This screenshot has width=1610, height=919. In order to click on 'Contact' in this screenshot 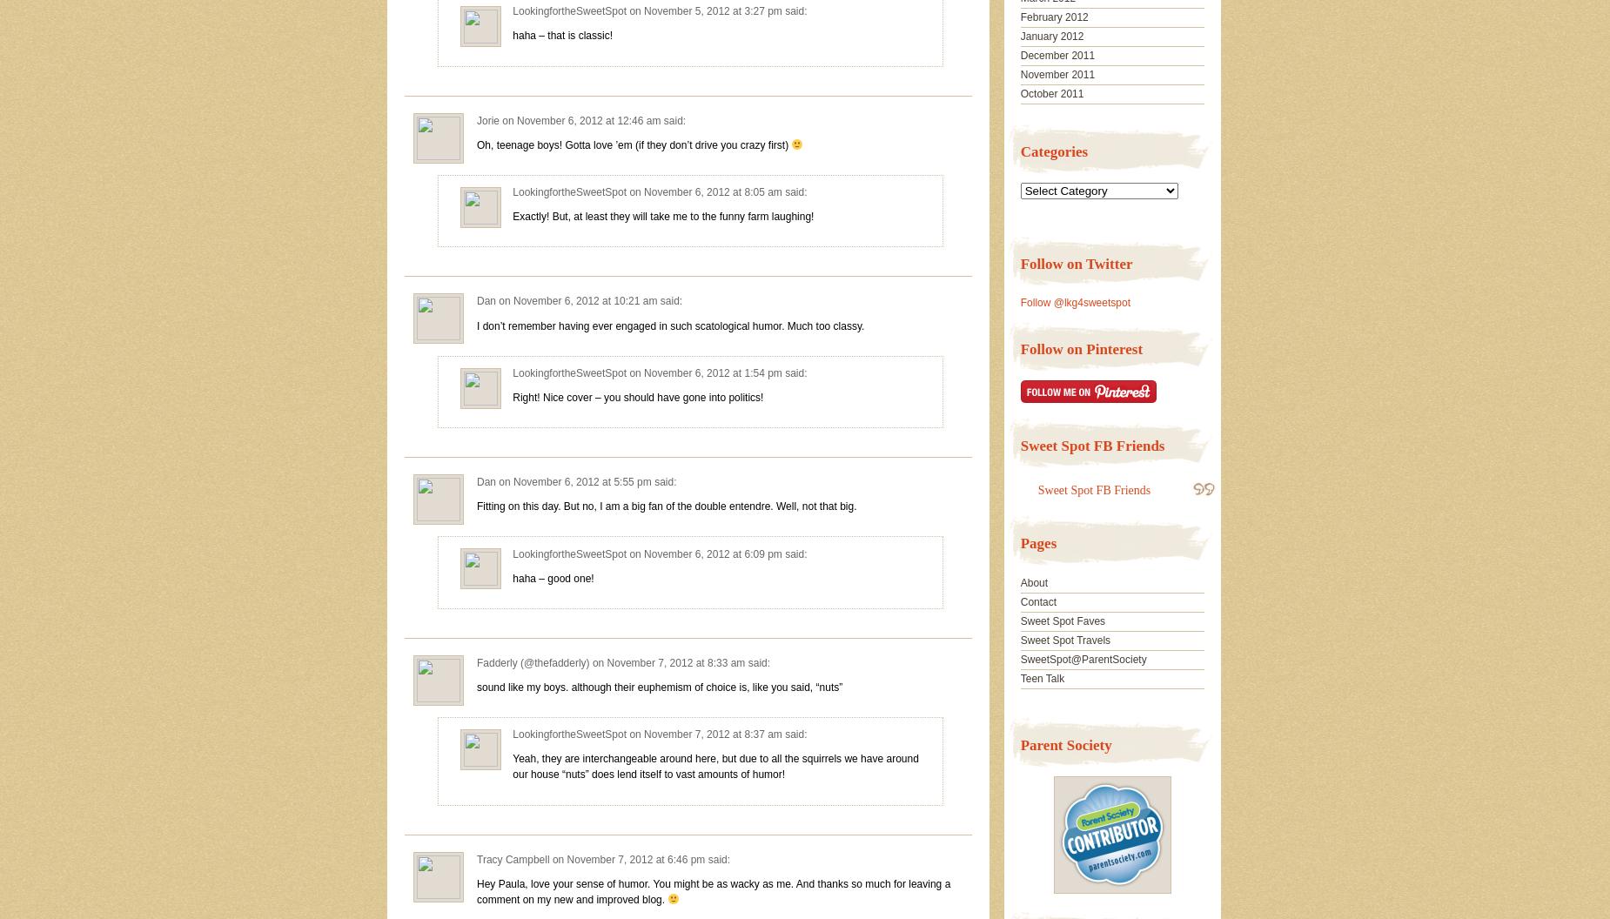, I will do `click(1037, 601)`.